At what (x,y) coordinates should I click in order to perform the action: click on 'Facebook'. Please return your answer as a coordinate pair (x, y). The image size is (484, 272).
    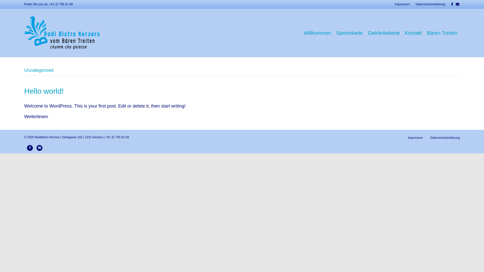
    Looking at the image, I should click on (26, 147).